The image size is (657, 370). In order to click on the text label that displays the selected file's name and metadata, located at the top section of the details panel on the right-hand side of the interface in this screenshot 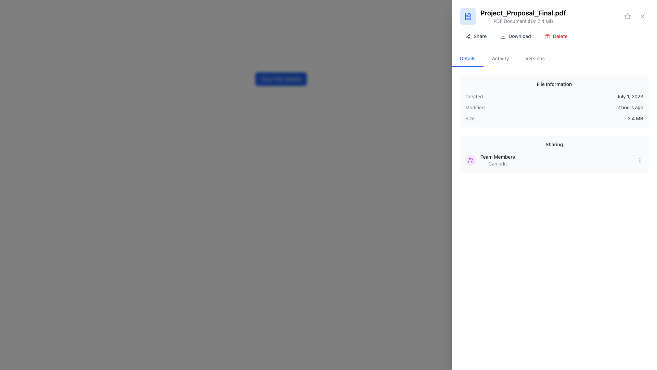, I will do `click(523, 16)`.